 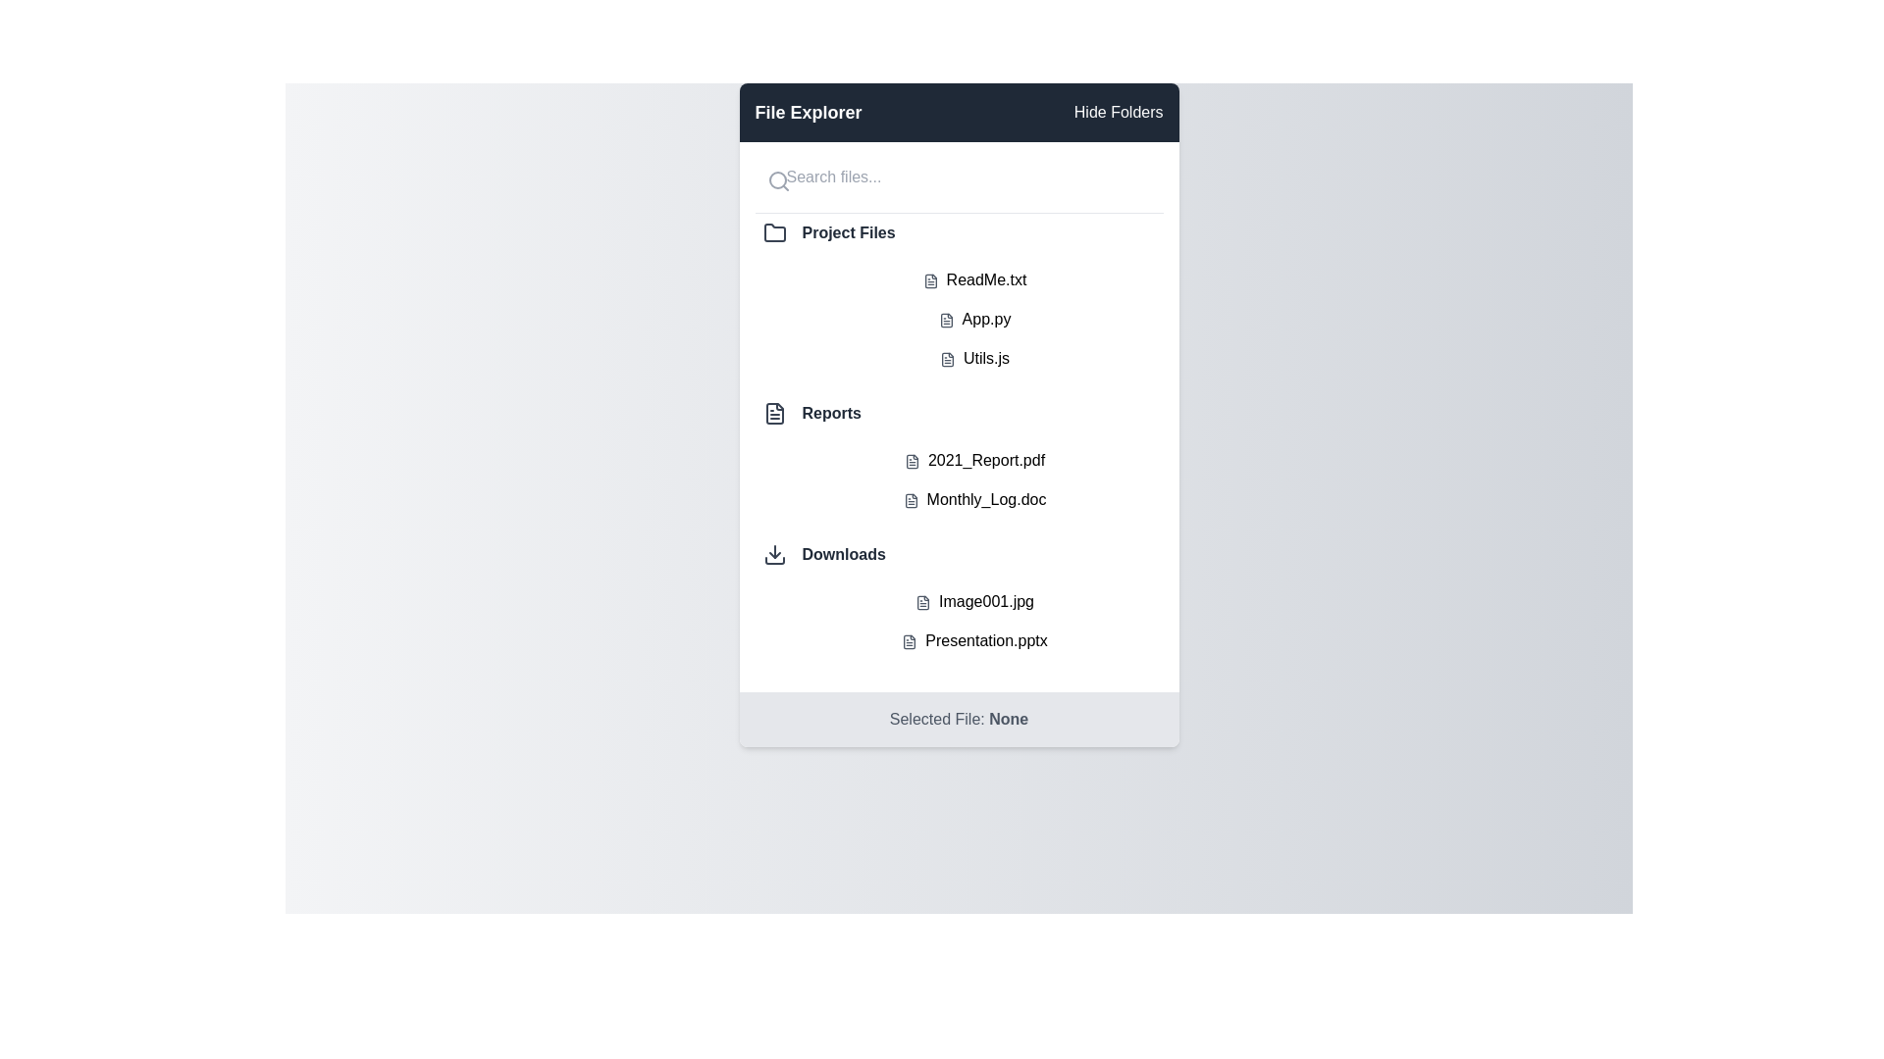 I want to click on the file named ReadMe.txt to select it, so click(x=974, y=279).